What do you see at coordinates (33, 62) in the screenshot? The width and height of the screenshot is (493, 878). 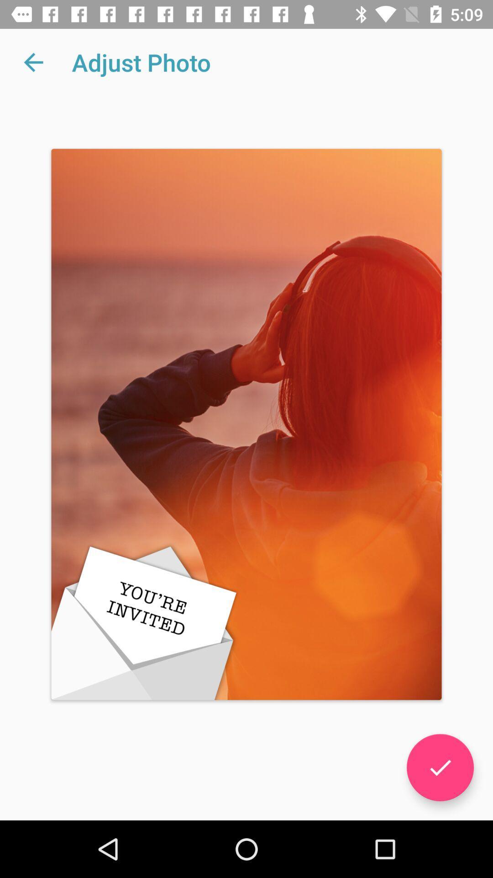 I see `icon next to adjust photo app` at bounding box center [33, 62].